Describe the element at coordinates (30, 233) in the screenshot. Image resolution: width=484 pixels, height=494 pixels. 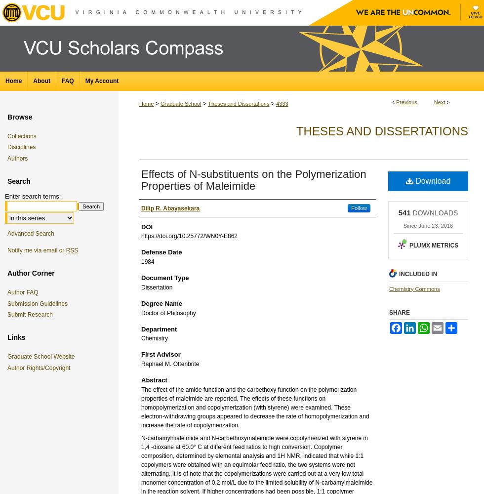
I see `'Advanced Search'` at that location.